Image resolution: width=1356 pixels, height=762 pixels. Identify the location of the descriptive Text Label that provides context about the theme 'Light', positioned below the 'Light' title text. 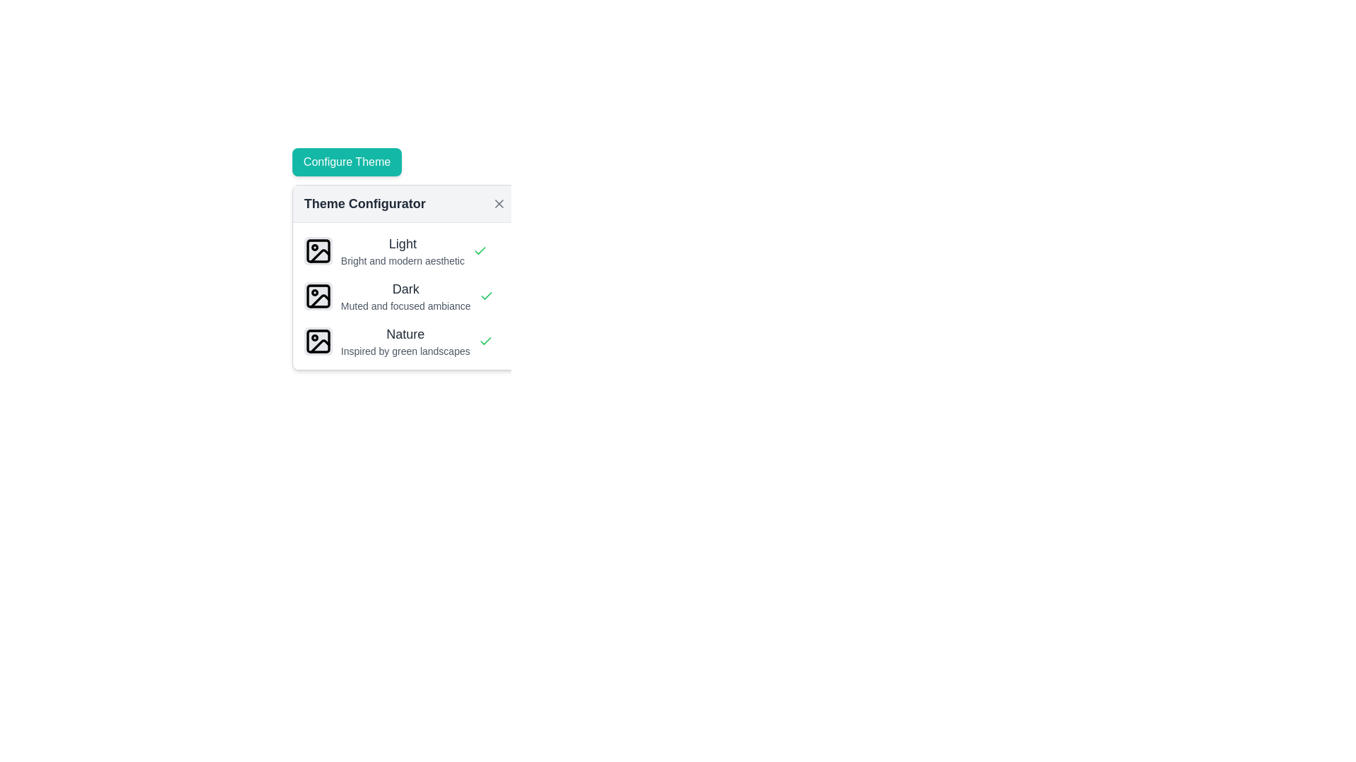
(402, 261).